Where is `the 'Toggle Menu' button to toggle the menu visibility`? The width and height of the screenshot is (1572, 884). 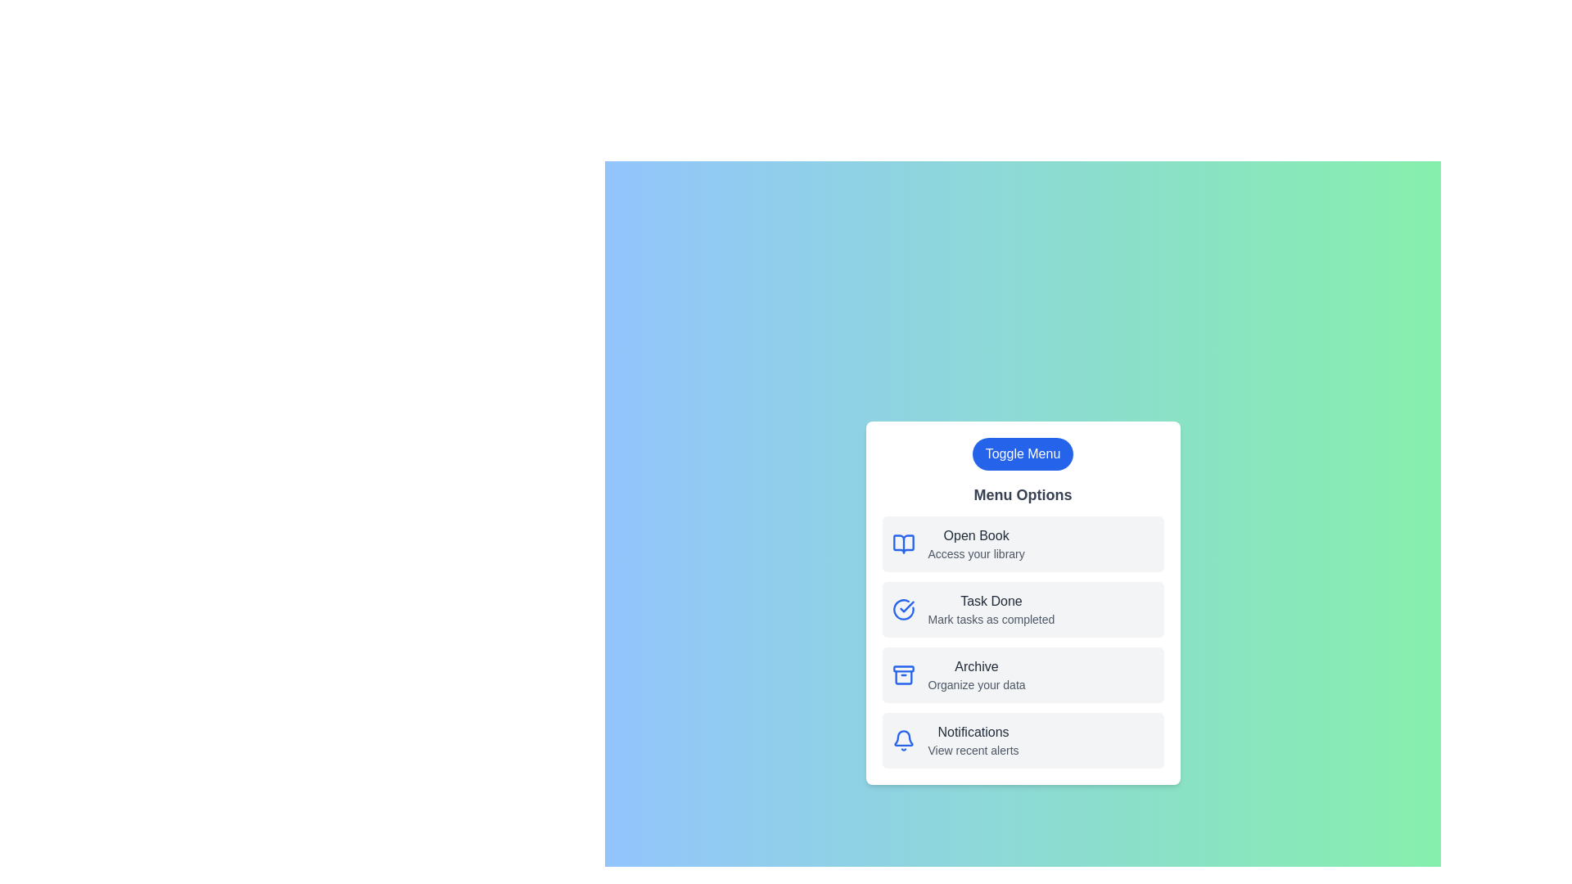
the 'Toggle Menu' button to toggle the menu visibility is located at coordinates (1022, 454).